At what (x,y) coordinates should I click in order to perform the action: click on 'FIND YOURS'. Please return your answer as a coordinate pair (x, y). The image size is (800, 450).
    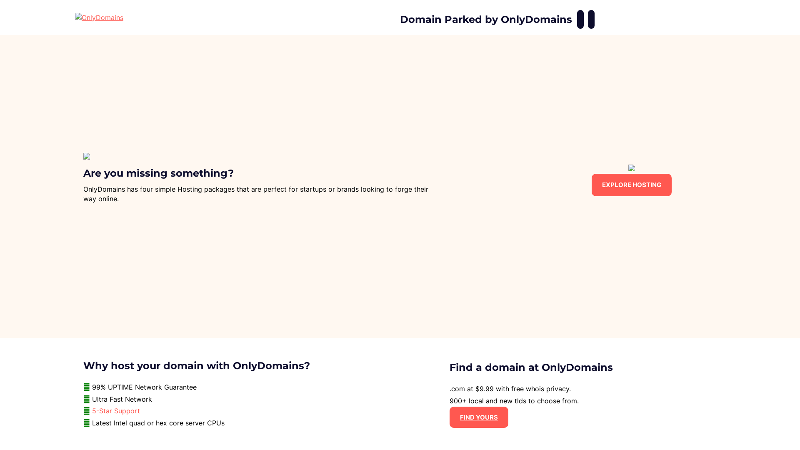
    Looking at the image, I should click on (479, 417).